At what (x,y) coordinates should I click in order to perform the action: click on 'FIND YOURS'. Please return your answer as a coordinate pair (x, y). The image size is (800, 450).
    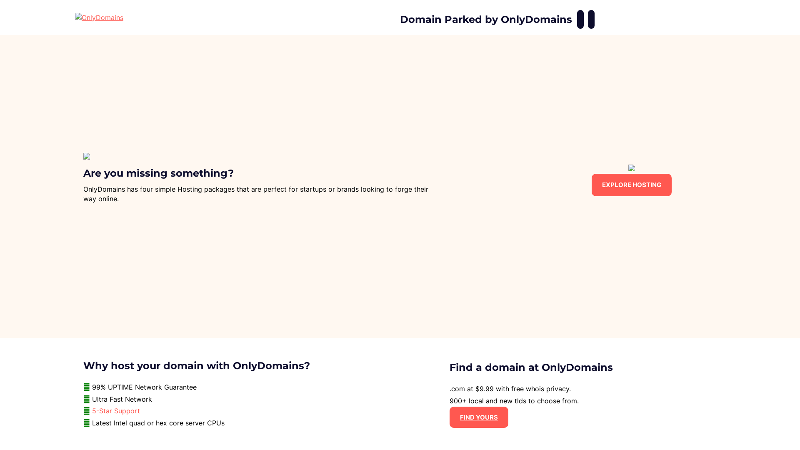
    Looking at the image, I should click on (479, 417).